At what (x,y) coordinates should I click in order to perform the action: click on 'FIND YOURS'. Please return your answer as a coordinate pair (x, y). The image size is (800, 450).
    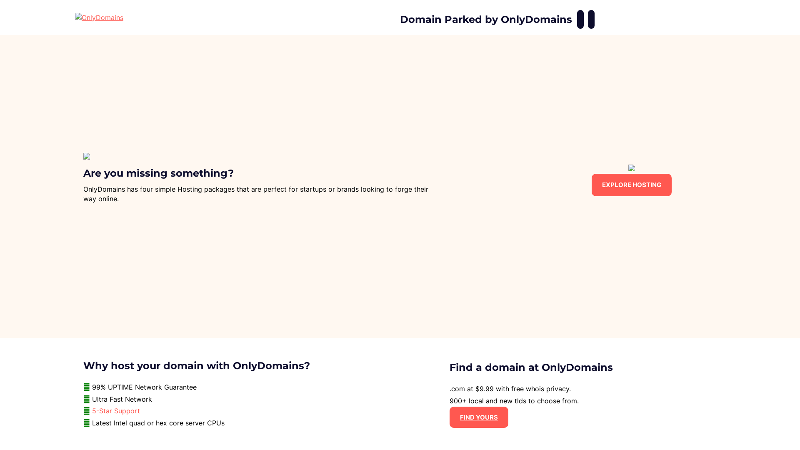
    Looking at the image, I should click on (479, 417).